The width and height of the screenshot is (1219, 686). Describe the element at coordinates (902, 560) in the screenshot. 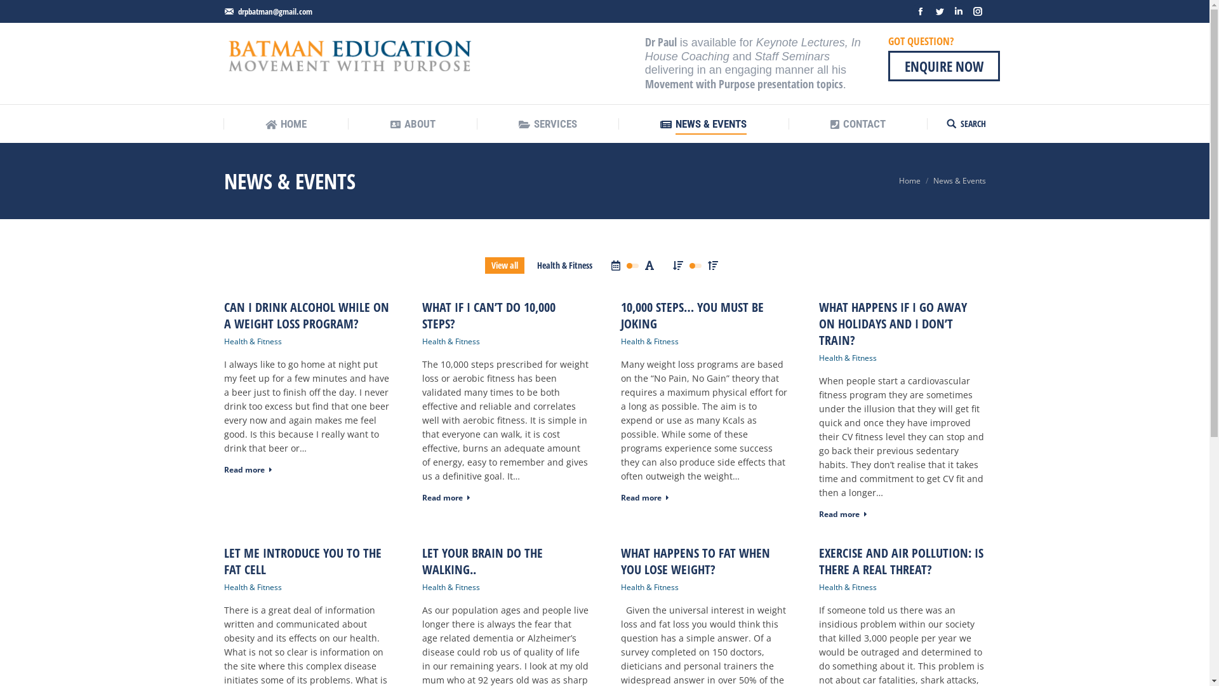

I see `'EXERCISE AND AIR POLLUTION: IS THERE A REAL THREAT?'` at that location.